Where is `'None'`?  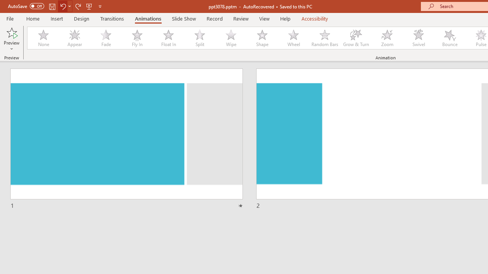 'None' is located at coordinates (43, 38).